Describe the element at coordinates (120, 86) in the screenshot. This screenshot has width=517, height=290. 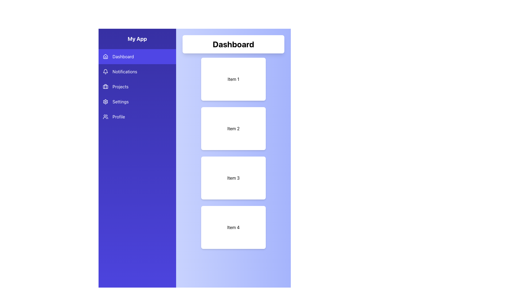
I see `the 'Projects' text label in the vertical navigation menu` at that location.